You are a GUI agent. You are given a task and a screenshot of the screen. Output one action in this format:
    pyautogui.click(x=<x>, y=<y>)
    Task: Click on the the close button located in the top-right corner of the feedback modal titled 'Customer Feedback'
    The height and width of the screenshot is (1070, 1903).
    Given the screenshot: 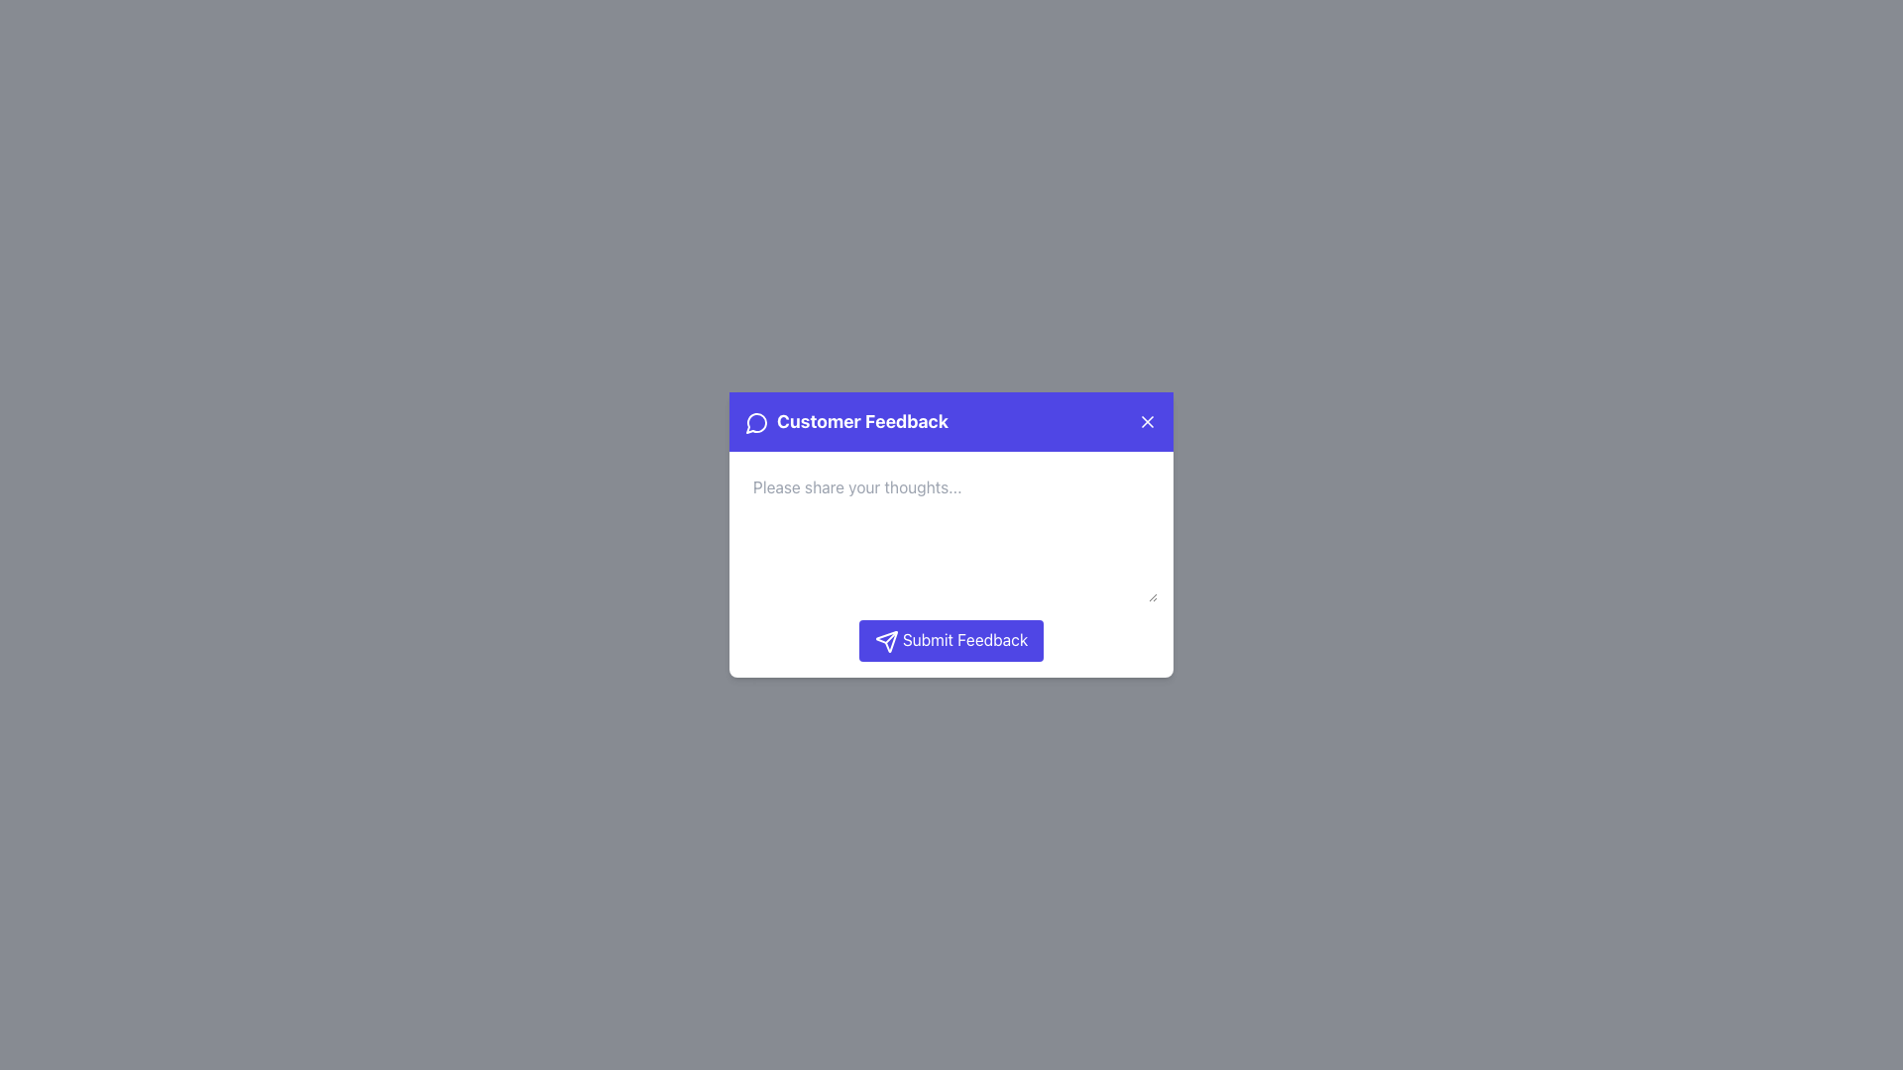 What is the action you would take?
    pyautogui.click(x=1147, y=420)
    